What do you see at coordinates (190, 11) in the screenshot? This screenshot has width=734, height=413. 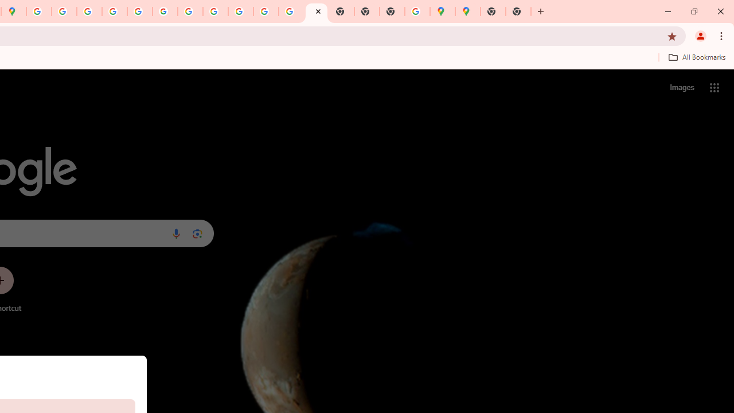 I see `'YouTube'` at bounding box center [190, 11].